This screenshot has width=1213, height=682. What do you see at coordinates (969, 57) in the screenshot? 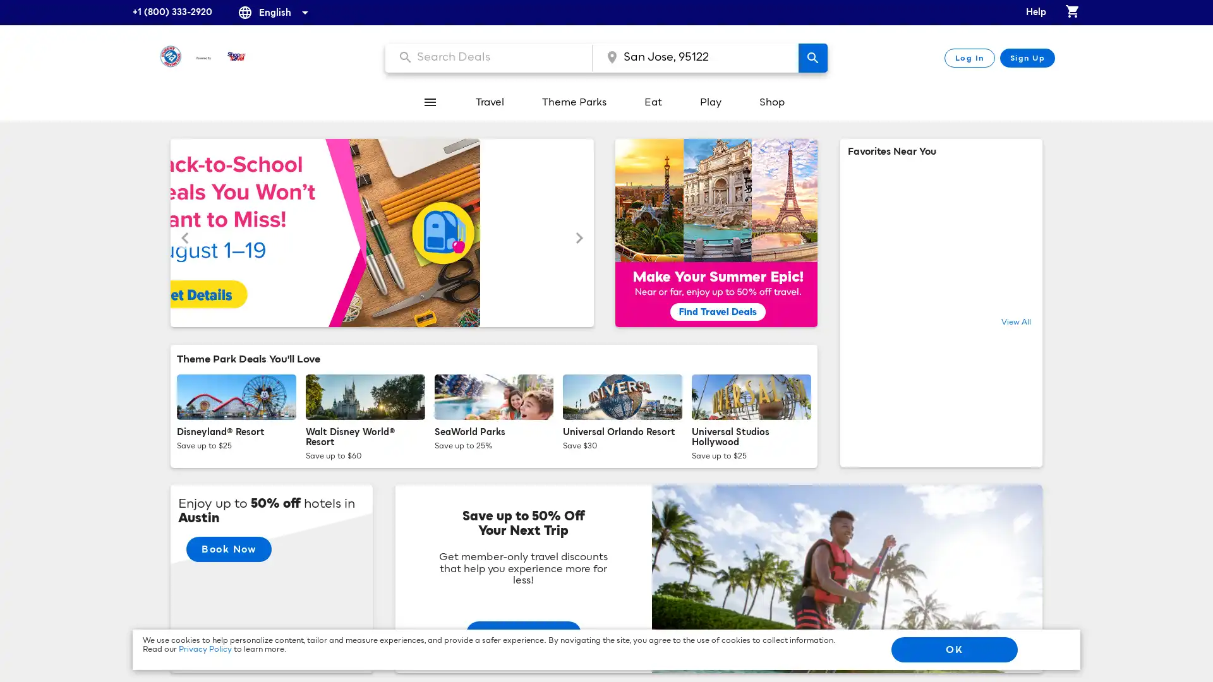
I see `Log In` at bounding box center [969, 57].